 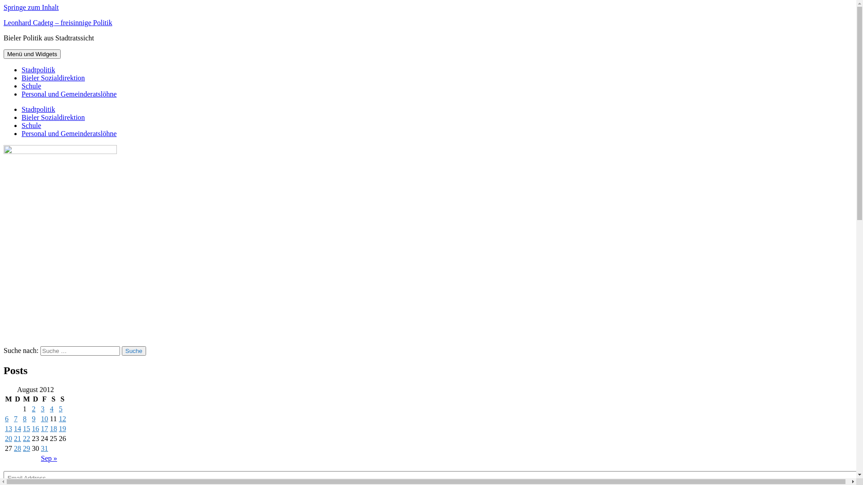 I want to click on '17', so click(x=44, y=428).